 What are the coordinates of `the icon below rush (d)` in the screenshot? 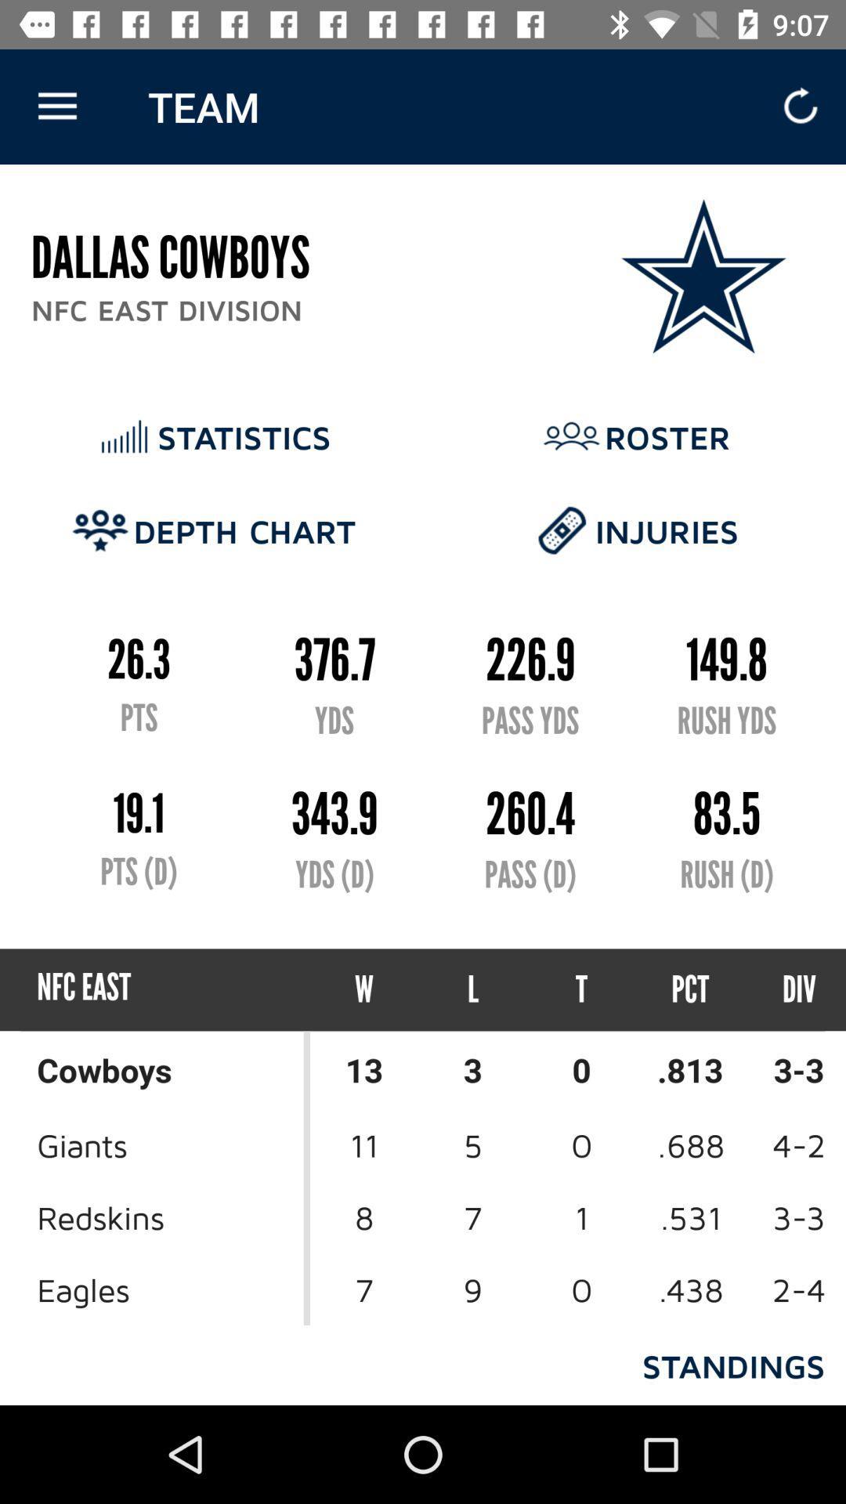 It's located at (785, 989).